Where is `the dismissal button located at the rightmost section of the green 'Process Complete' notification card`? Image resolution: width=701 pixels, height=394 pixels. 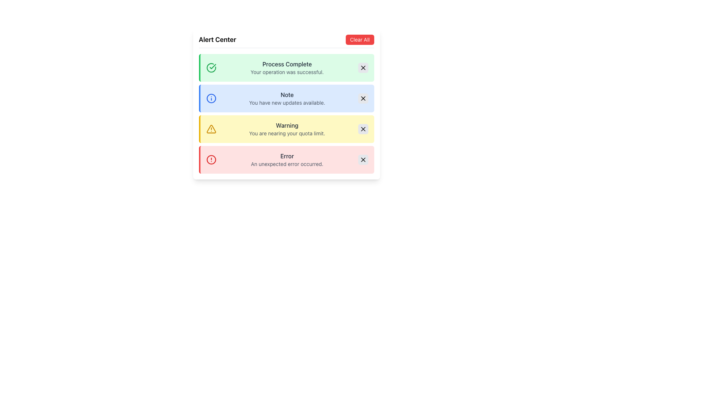 the dismissal button located at the rightmost section of the green 'Process Complete' notification card is located at coordinates (363, 67).